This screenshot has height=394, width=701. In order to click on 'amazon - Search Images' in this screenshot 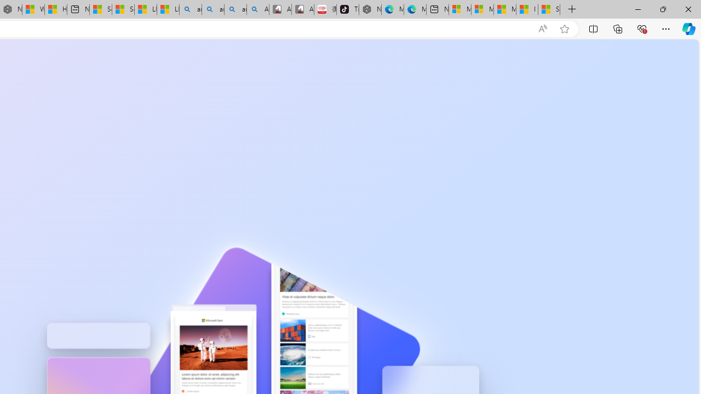, I will do `click(235, 9)`.